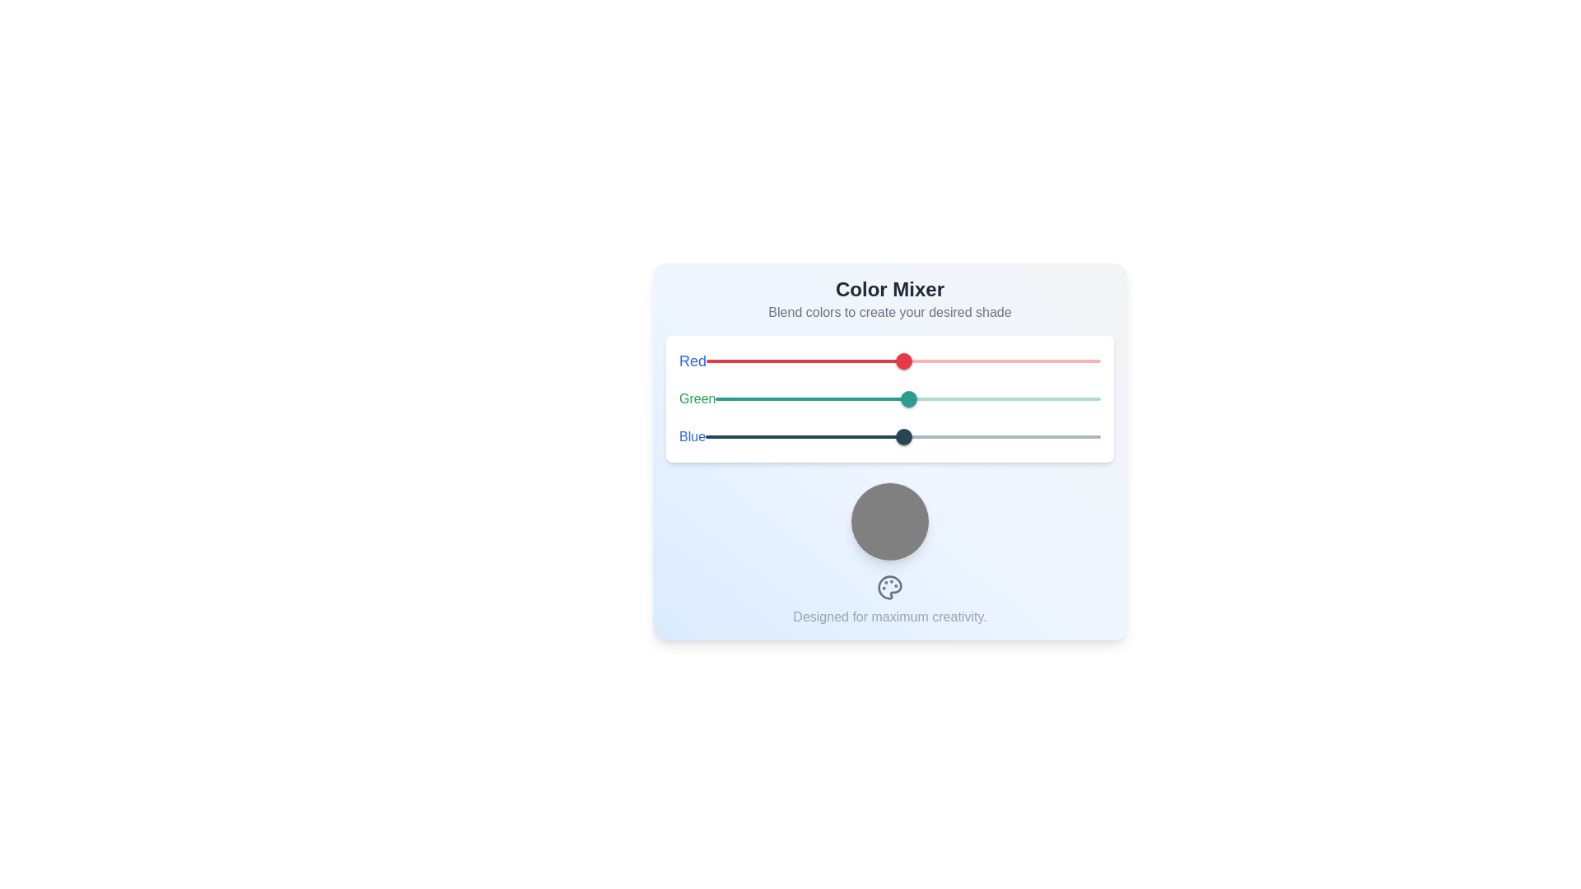  Describe the element at coordinates (1074, 399) in the screenshot. I see `the green value` at that location.